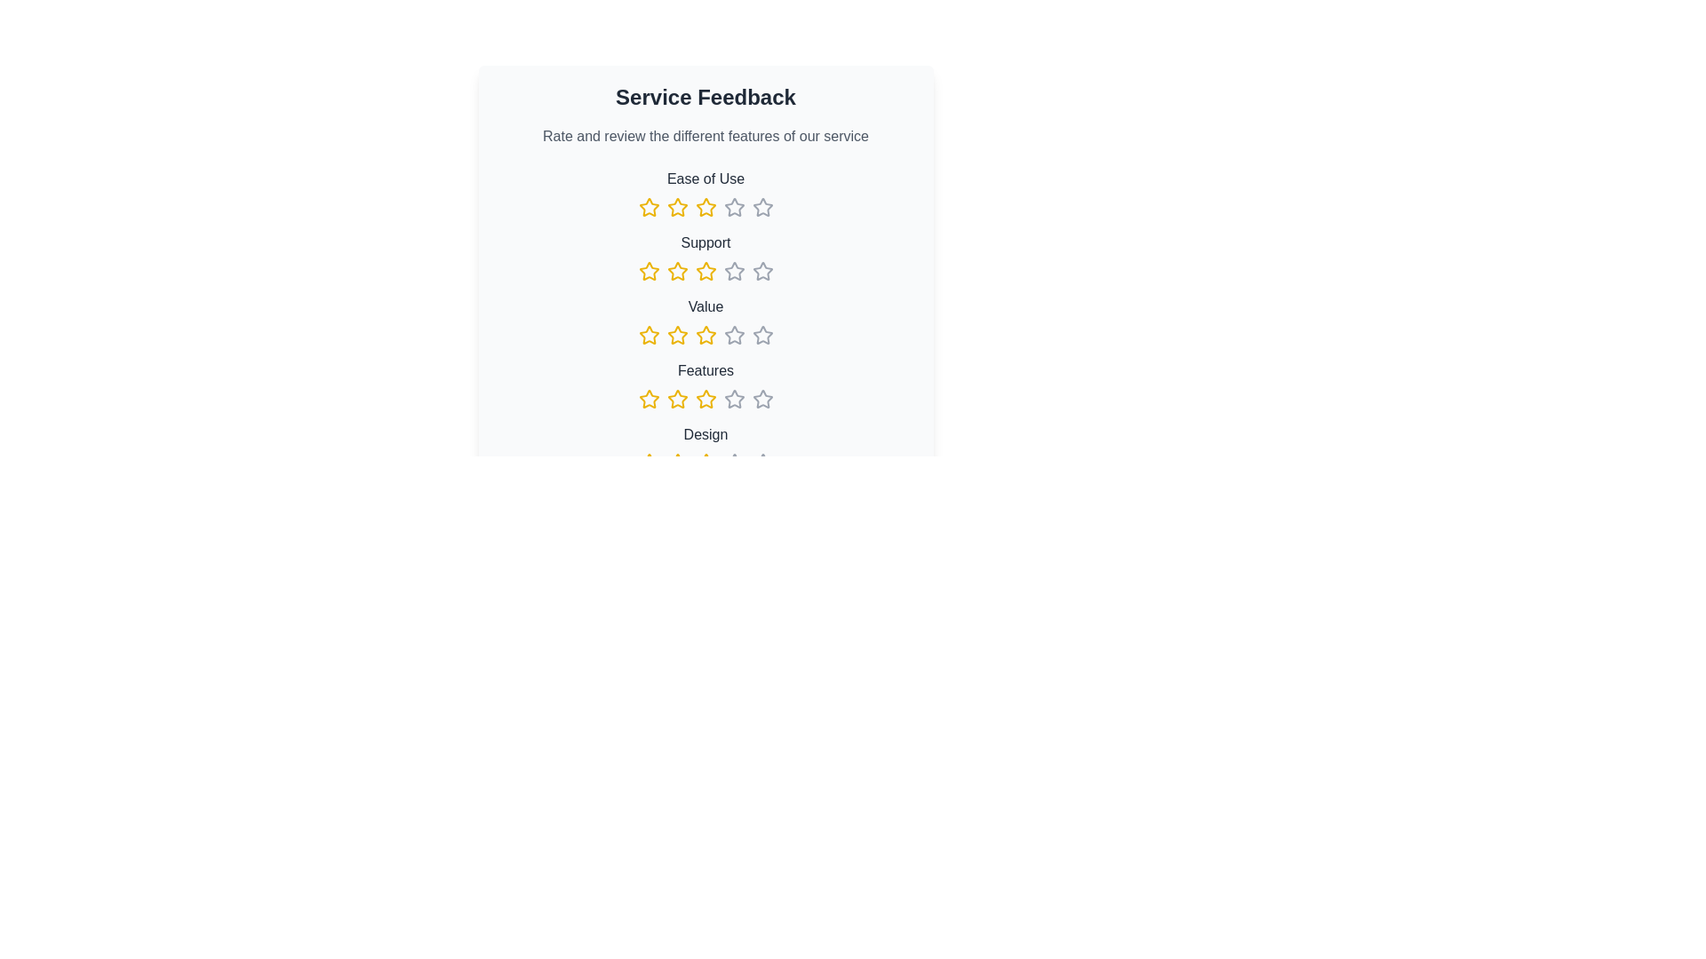  What do you see at coordinates (676, 335) in the screenshot?
I see `the first star in the 'Value' rating section` at bounding box center [676, 335].